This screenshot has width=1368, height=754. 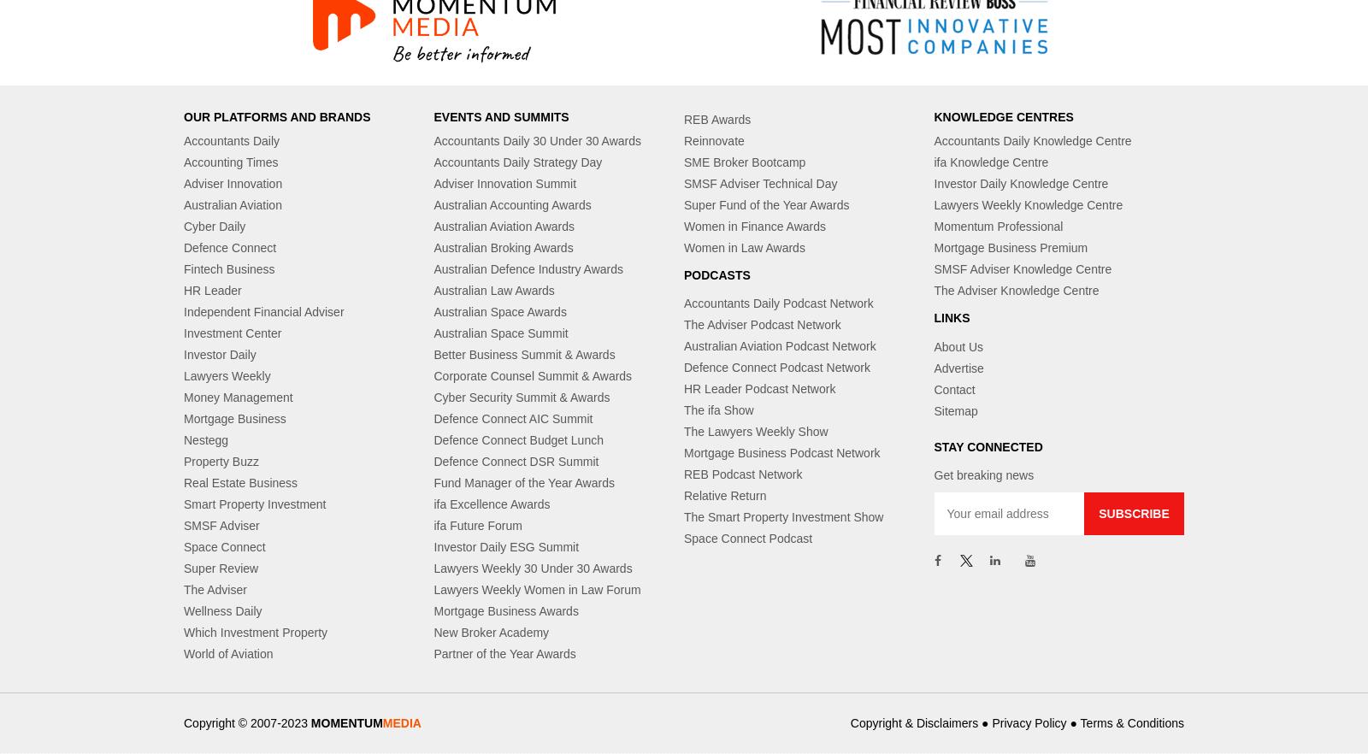 What do you see at coordinates (743, 246) in the screenshot?
I see `'Women in Law Awards'` at bounding box center [743, 246].